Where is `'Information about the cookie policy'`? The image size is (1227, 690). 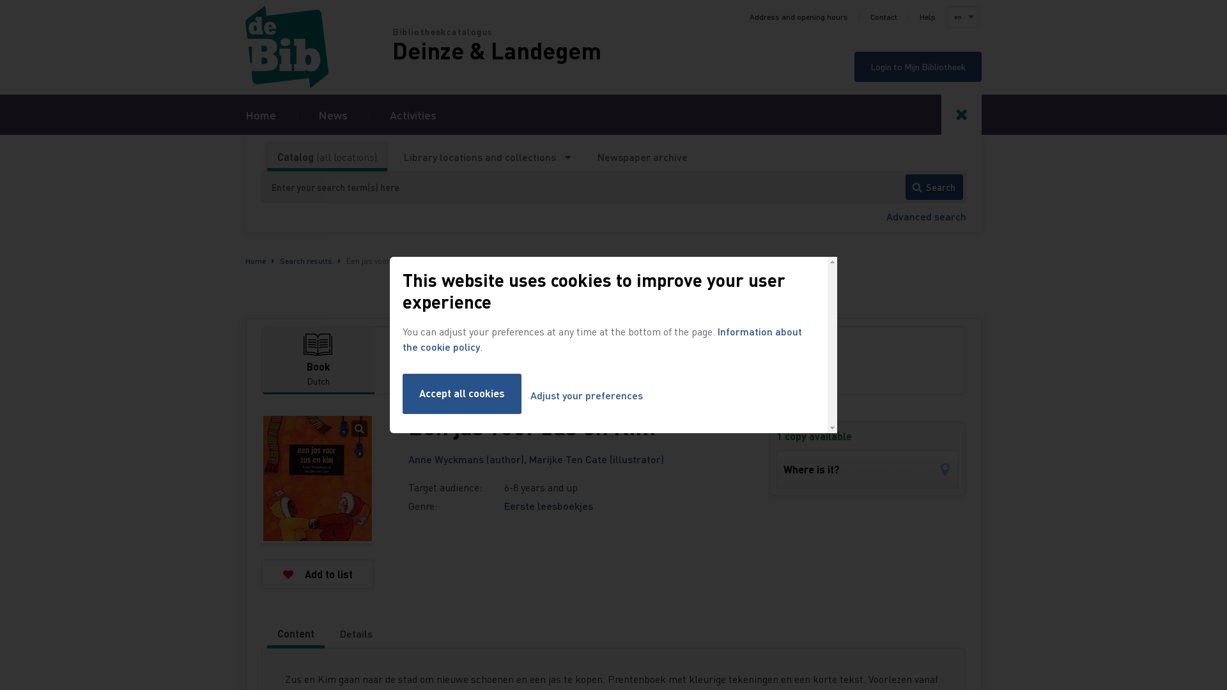
'Information about the cookie policy' is located at coordinates (601, 338).